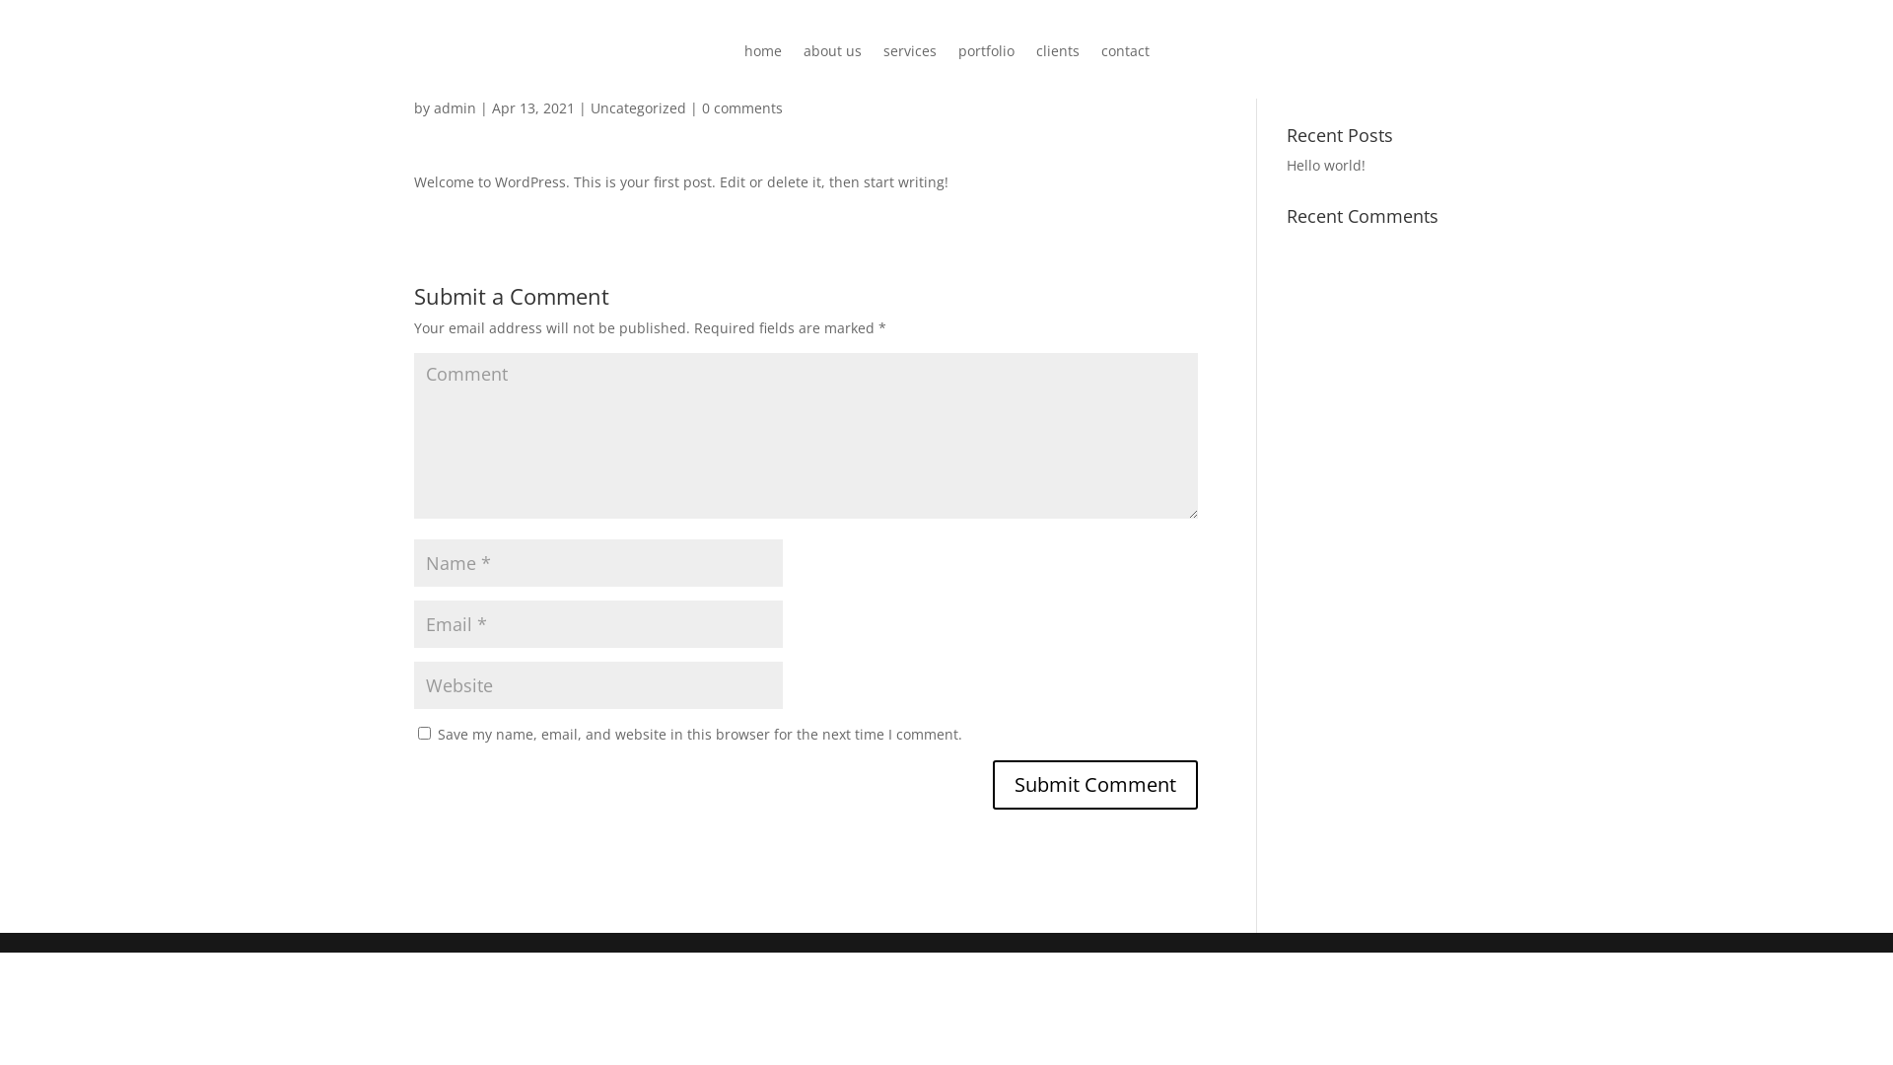 This screenshot has width=1893, height=1065. What do you see at coordinates (1443, 75) in the screenshot?
I see `'Search'` at bounding box center [1443, 75].